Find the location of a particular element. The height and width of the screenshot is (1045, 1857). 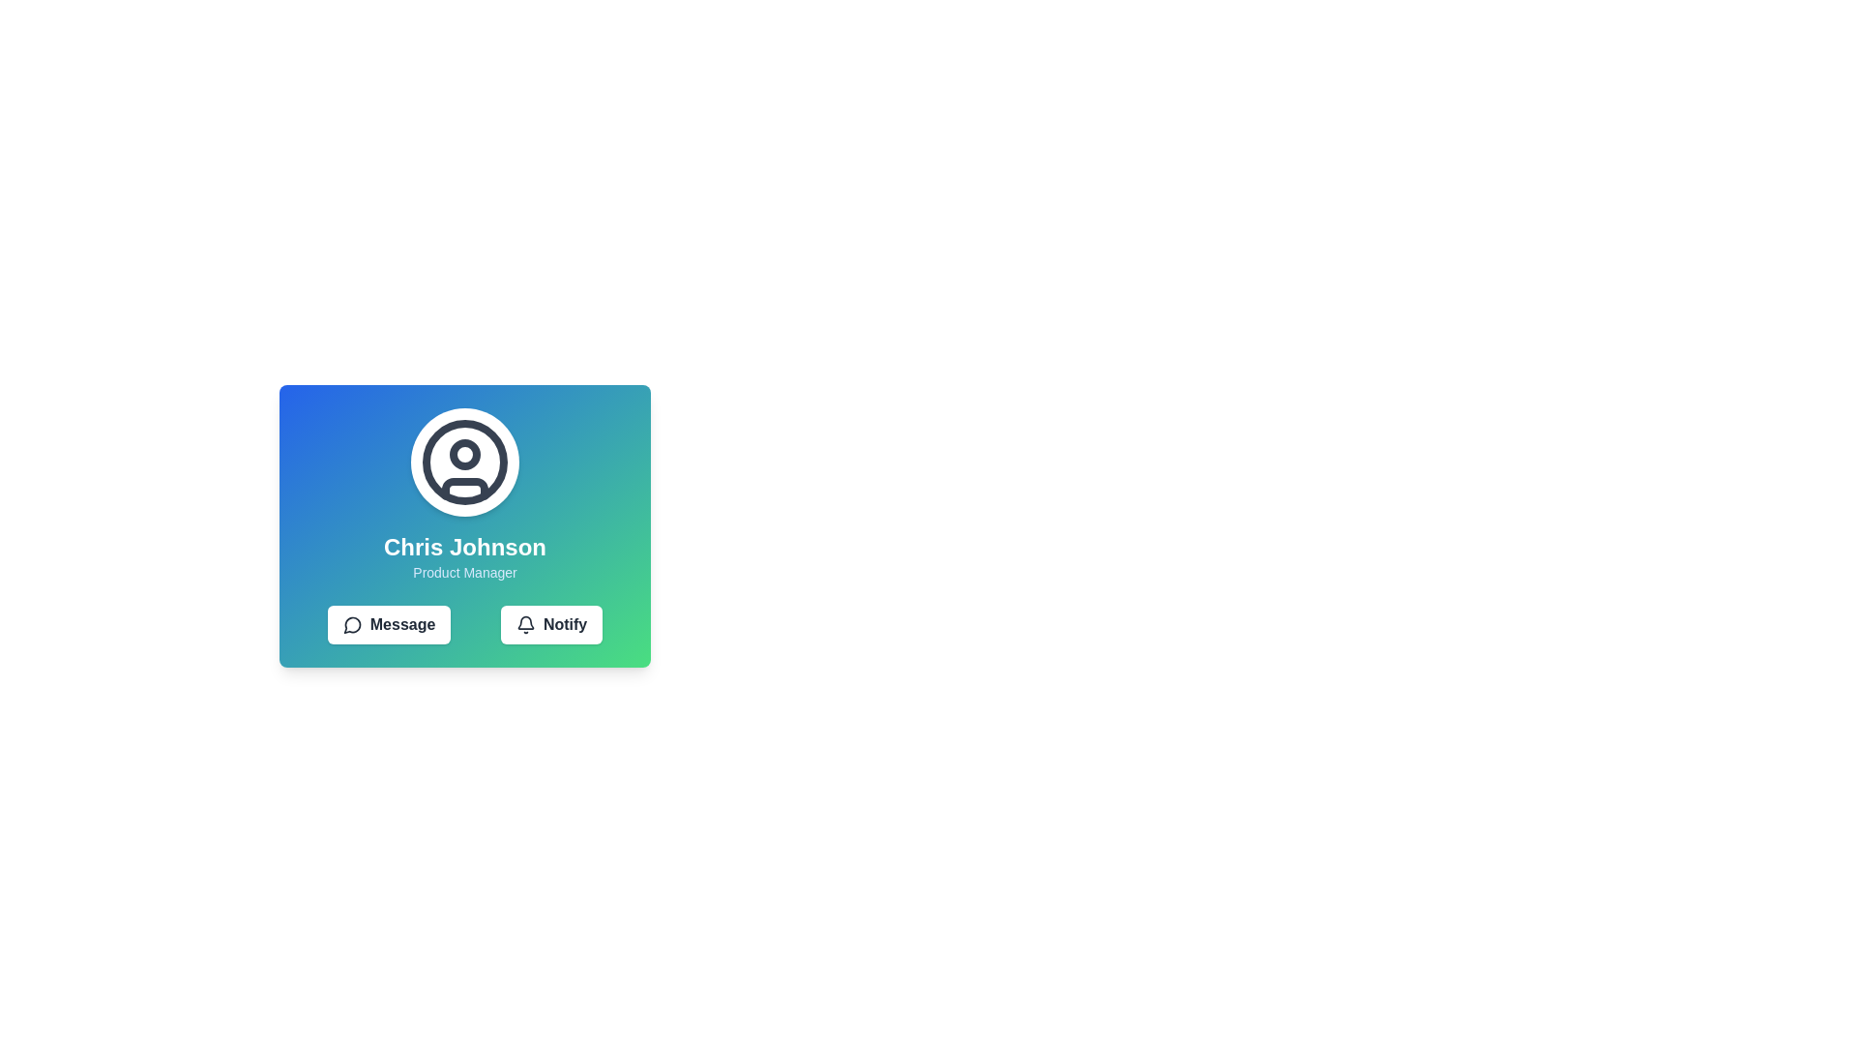

on the Informational card displaying 'Chris Johnson', which features a gradient background and action buttons at the bottom is located at coordinates (464, 525).